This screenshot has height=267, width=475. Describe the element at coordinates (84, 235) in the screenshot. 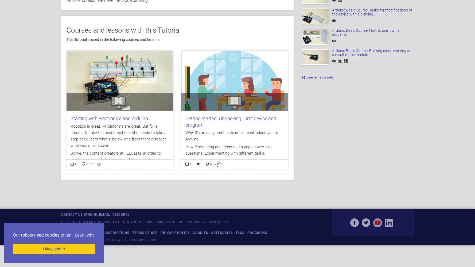

I see `'Learn why'` at that location.